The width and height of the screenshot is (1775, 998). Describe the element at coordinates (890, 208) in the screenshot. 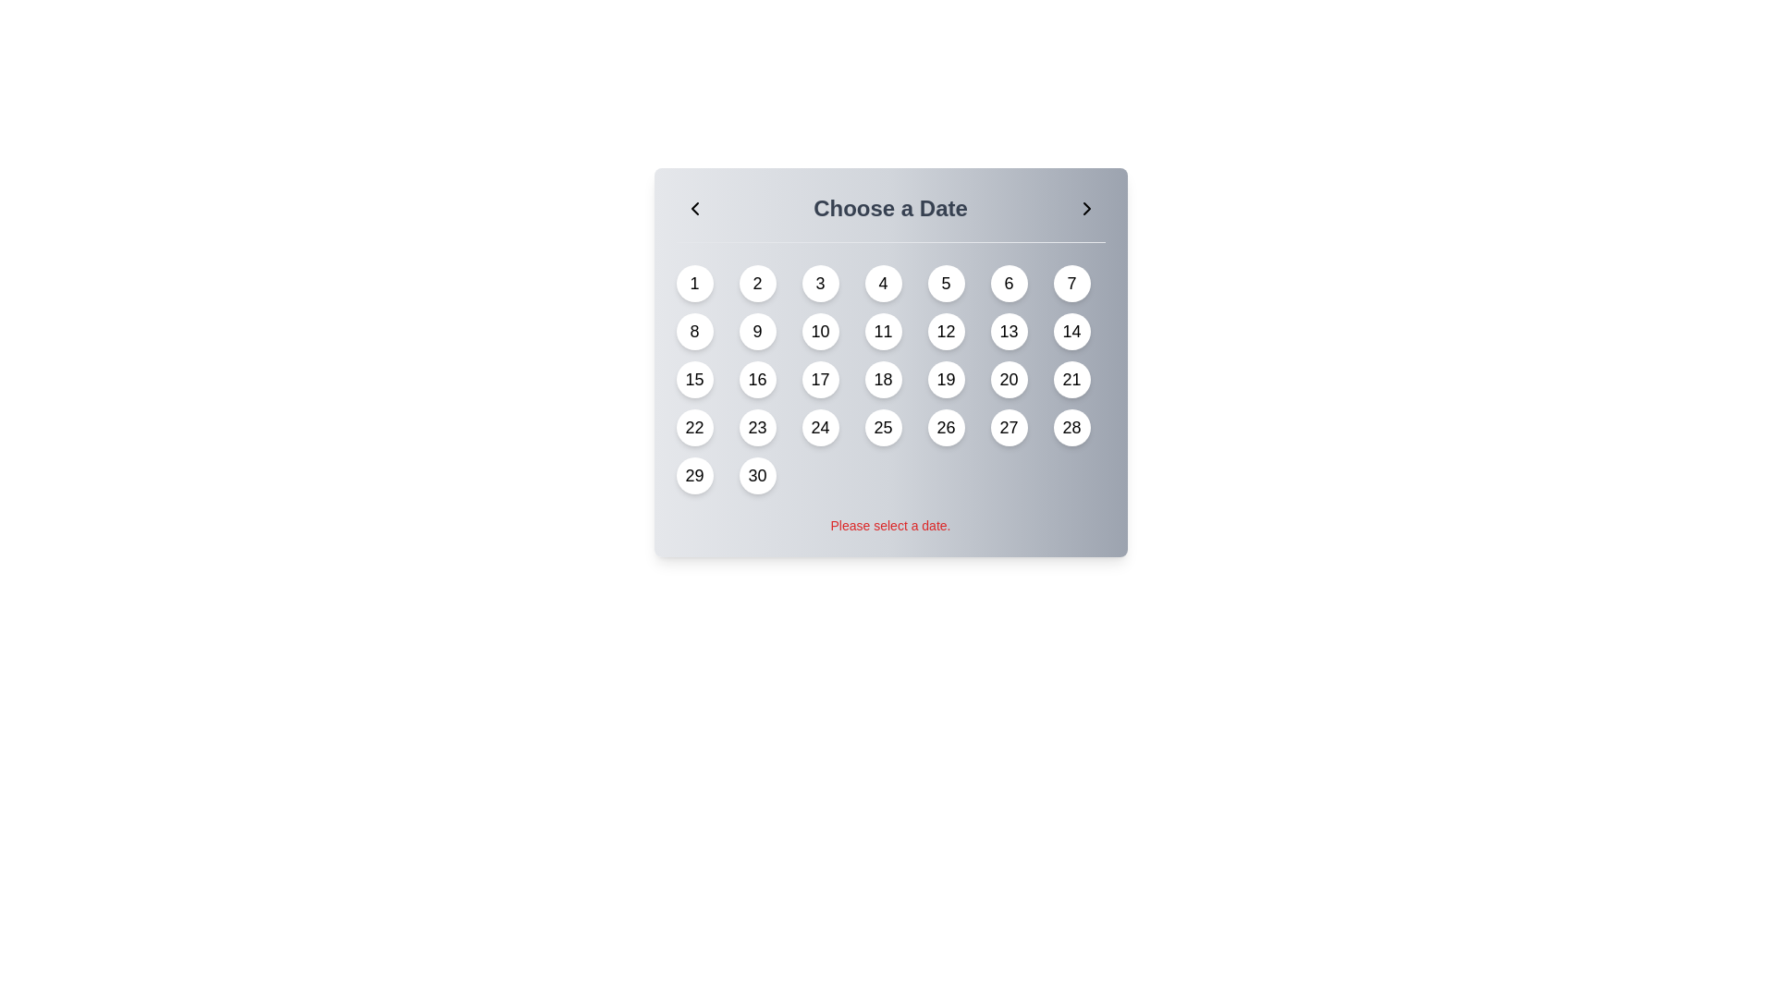

I see `text label indicating the current step or state of the calendar interface, which instructs the user to choose a date from the calendar below` at that location.